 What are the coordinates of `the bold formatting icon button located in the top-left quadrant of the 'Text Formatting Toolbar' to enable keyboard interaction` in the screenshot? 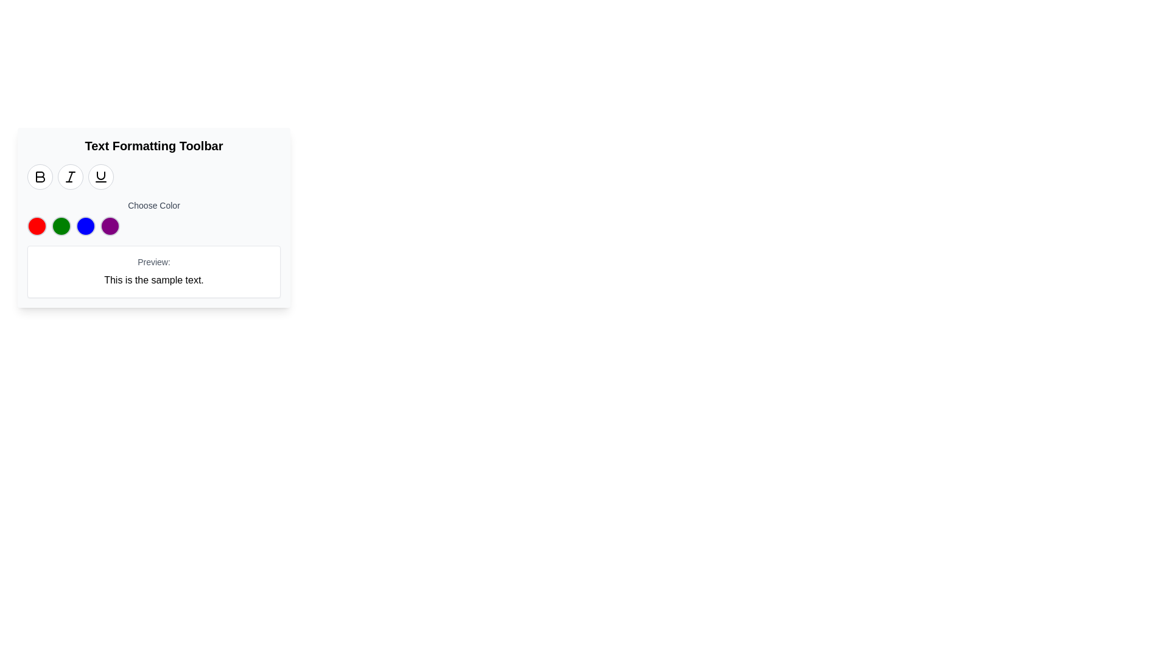 It's located at (40, 176).